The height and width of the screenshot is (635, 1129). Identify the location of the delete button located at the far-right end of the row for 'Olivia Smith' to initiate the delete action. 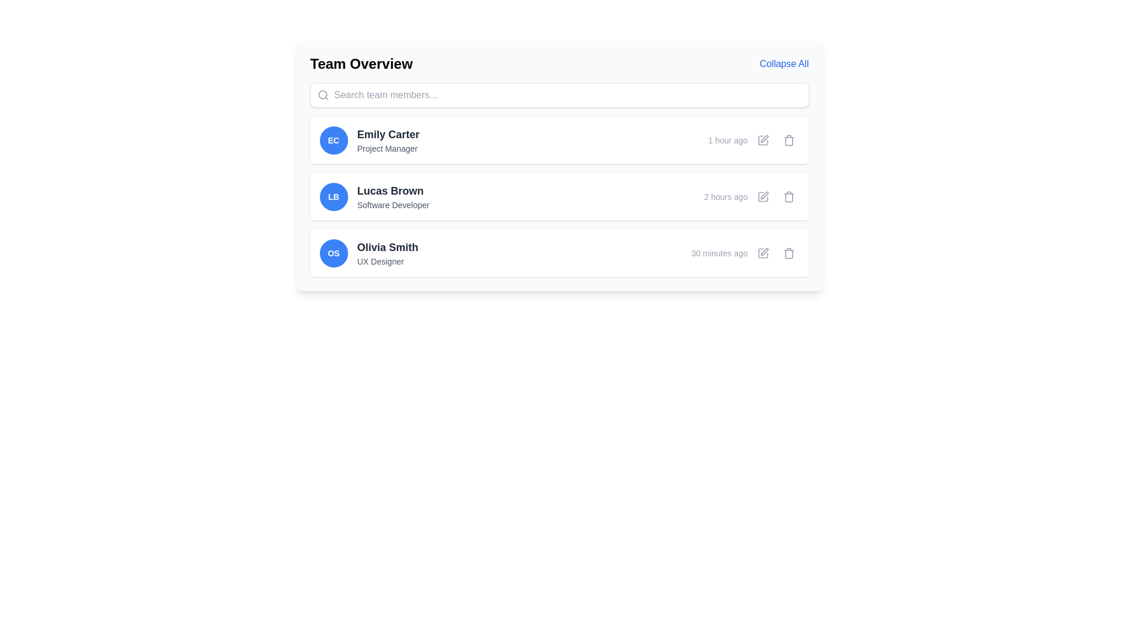
(789, 253).